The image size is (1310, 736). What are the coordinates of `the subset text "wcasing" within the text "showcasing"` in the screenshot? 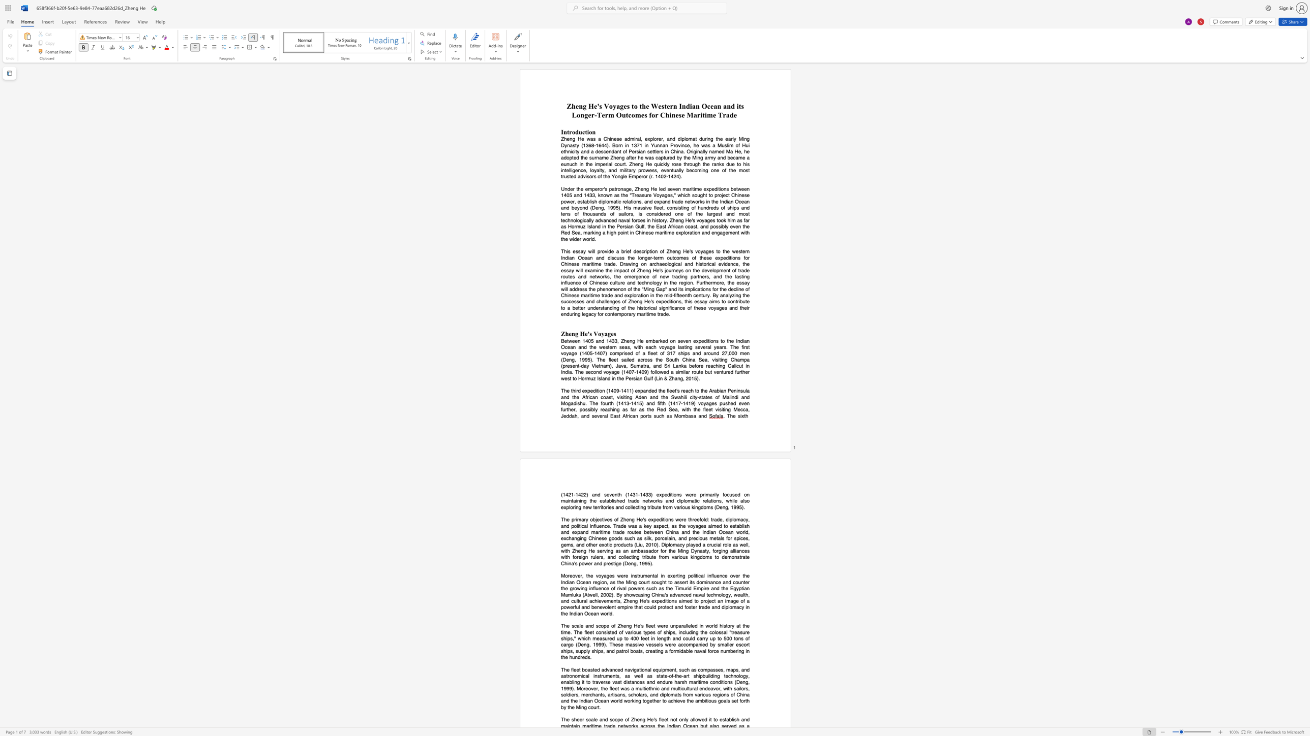 It's located at (631, 594).